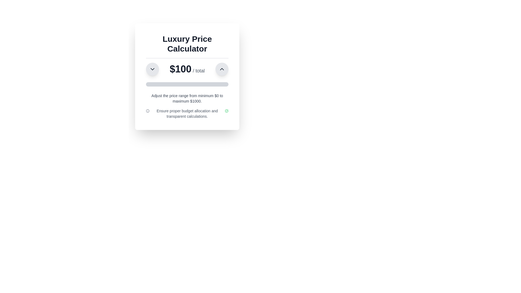  I want to click on the text label displaying the message '$100 / total', which is prominently centered below the 'Luxury Price Calculator' heading, so click(187, 66).